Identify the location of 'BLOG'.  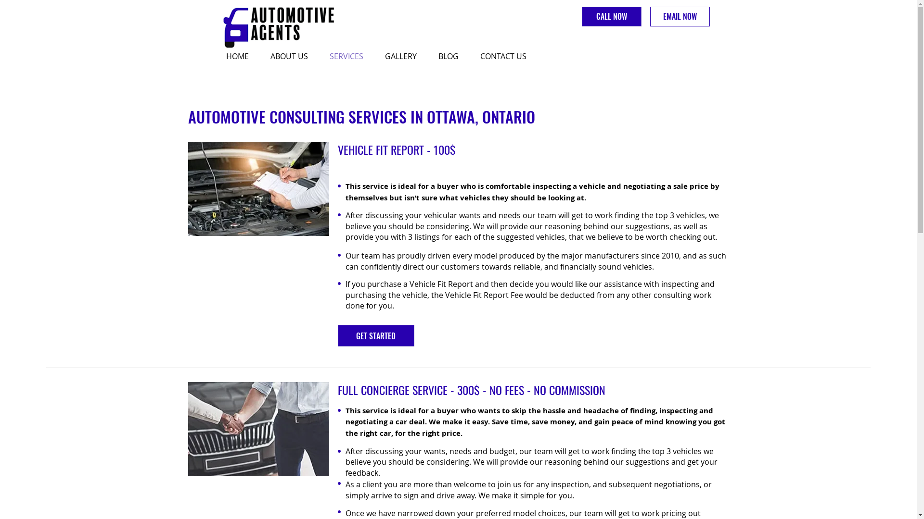
(451, 56).